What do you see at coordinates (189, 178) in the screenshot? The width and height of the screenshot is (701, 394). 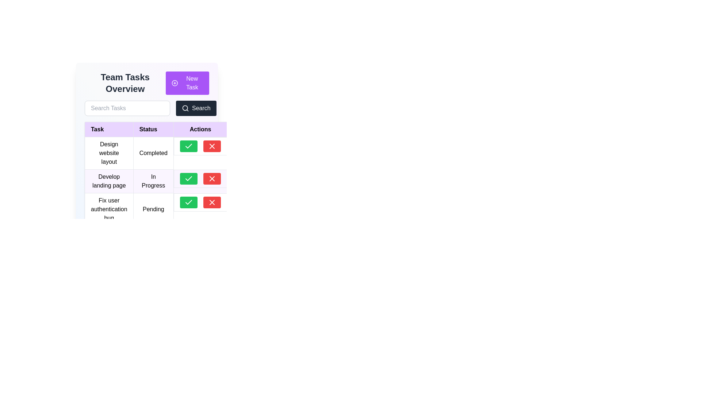 I see `the approval button located to the left of the red action button in the row for 'Develop landing page' within the 'Actions' column of the table to approve the task` at bounding box center [189, 178].